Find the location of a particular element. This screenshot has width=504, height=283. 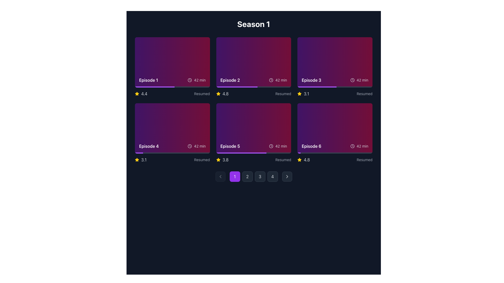

the SVG-based clock icon located in the lower right section of the second episode card, which visually indicates the episode duration of '42 min' is located at coordinates (271, 80).